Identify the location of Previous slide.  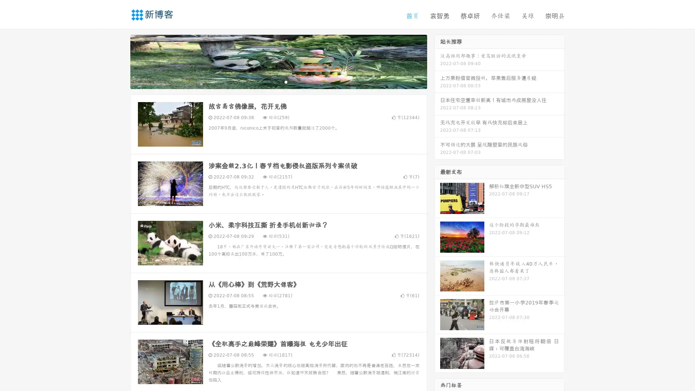
(119, 61).